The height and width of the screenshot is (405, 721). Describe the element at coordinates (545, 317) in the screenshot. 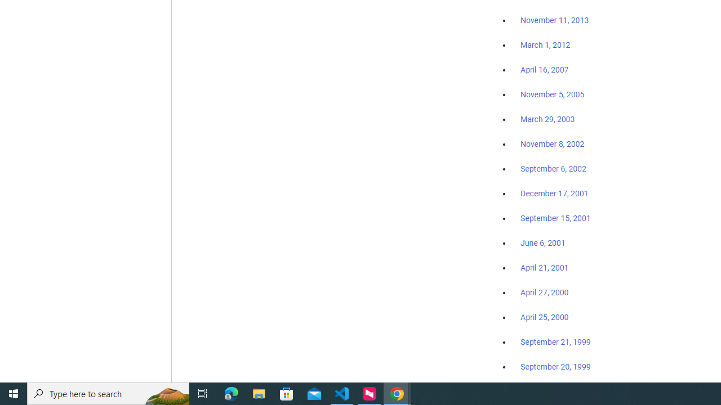

I see `'April 25, 2000'` at that location.